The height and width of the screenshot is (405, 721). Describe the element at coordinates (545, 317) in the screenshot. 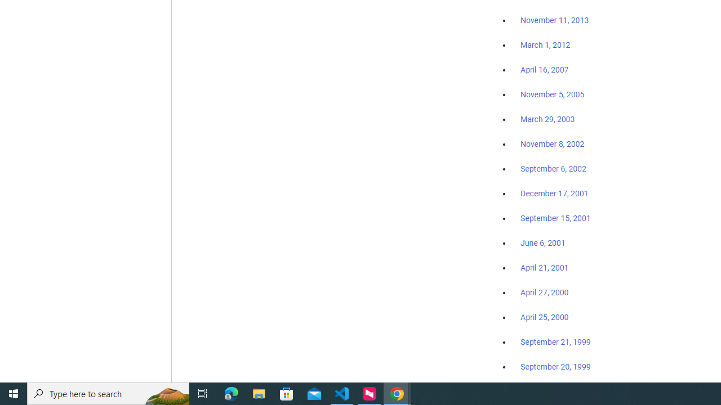

I see `'April 25, 2000'` at that location.